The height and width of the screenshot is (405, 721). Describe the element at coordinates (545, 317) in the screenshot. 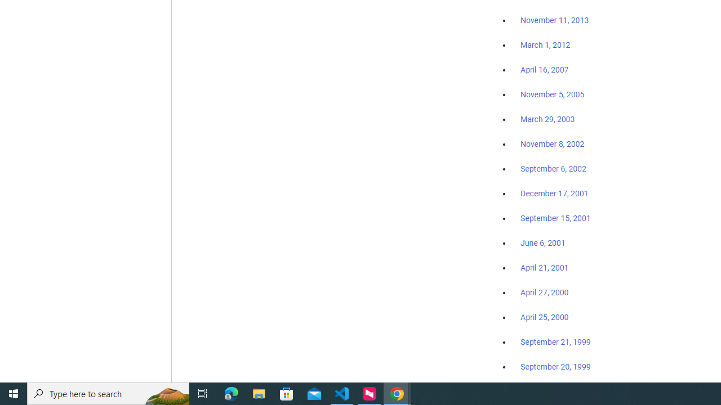

I see `'April 25, 2000'` at that location.